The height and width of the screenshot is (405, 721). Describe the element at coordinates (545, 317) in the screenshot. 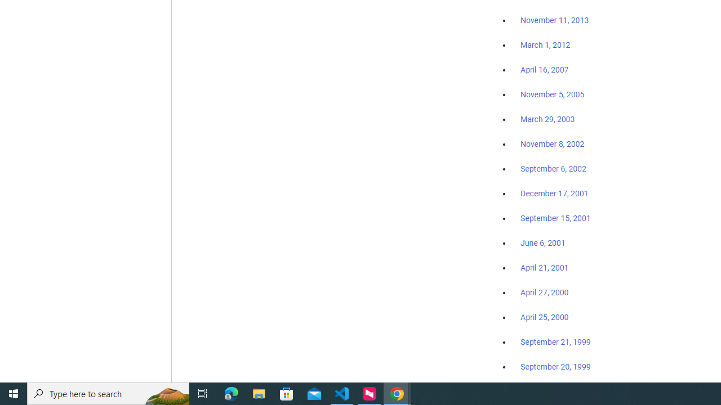

I see `'April 25, 2000'` at that location.